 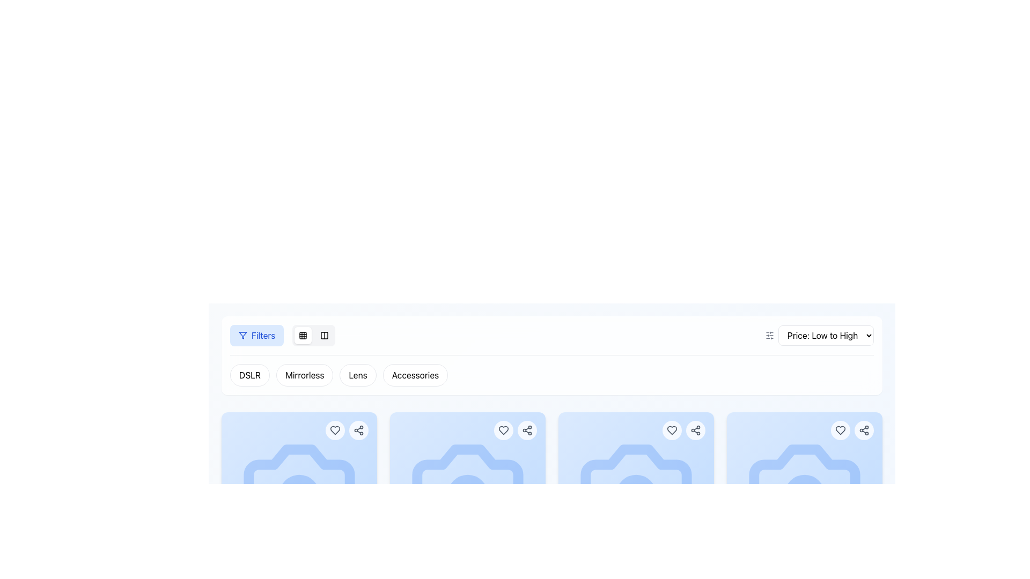 What do you see at coordinates (864, 429) in the screenshot?
I see `the circular share button with a white background and a gray share icon, located` at bounding box center [864, 429].